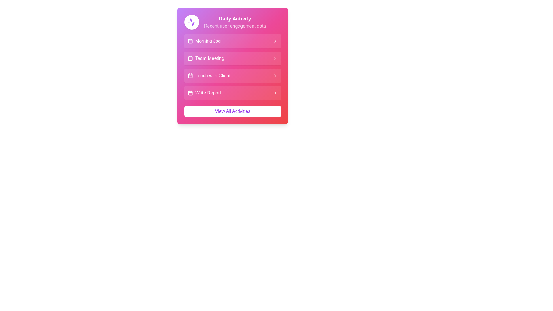 Image resolution: width=553 pixels, height=311 pixels. Describe the element at coordinates (235, 22) in the screenshot. I see `the textual header located at the top of the floating card layout` at that location.